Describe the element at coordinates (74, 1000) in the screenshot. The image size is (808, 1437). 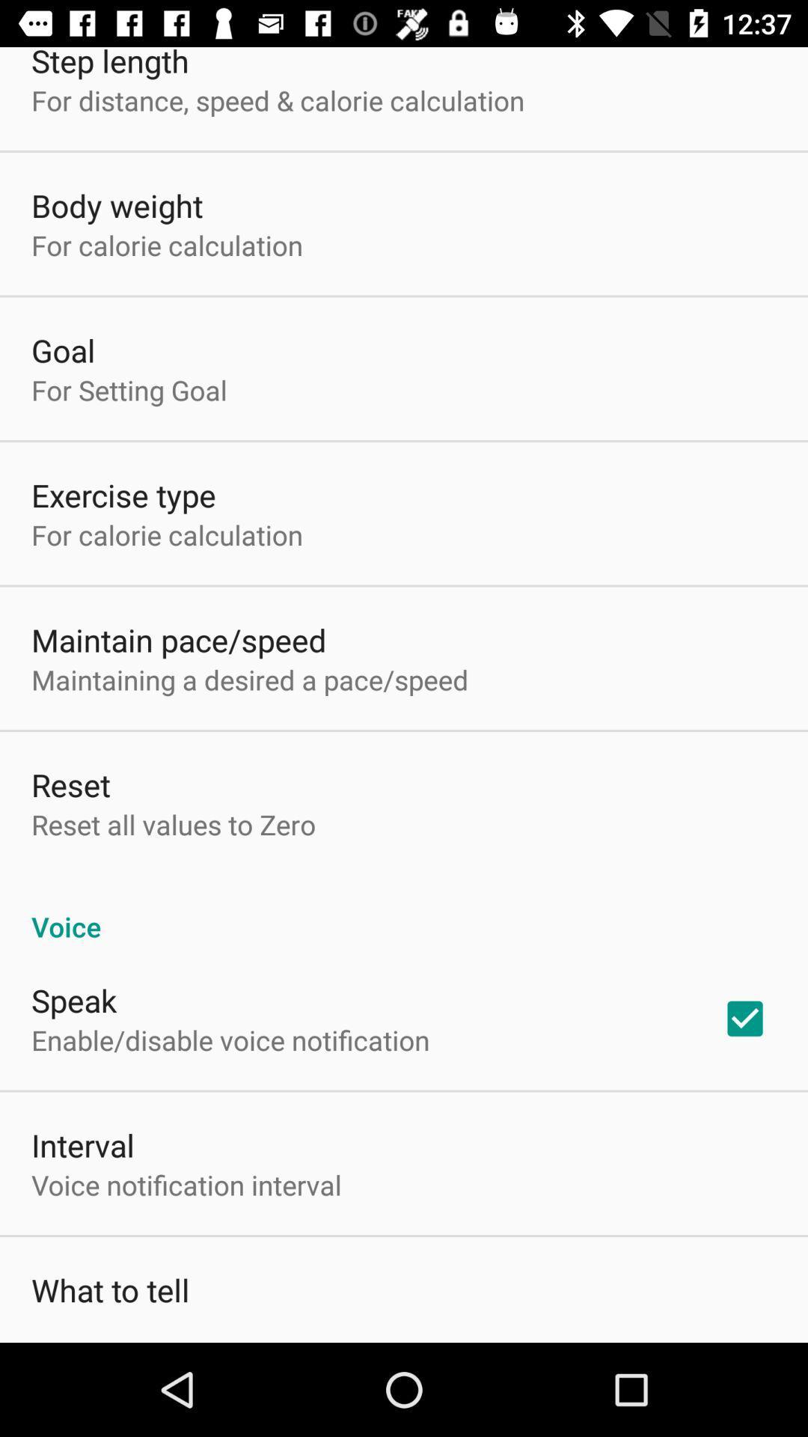
I see `speak icon` at that location.